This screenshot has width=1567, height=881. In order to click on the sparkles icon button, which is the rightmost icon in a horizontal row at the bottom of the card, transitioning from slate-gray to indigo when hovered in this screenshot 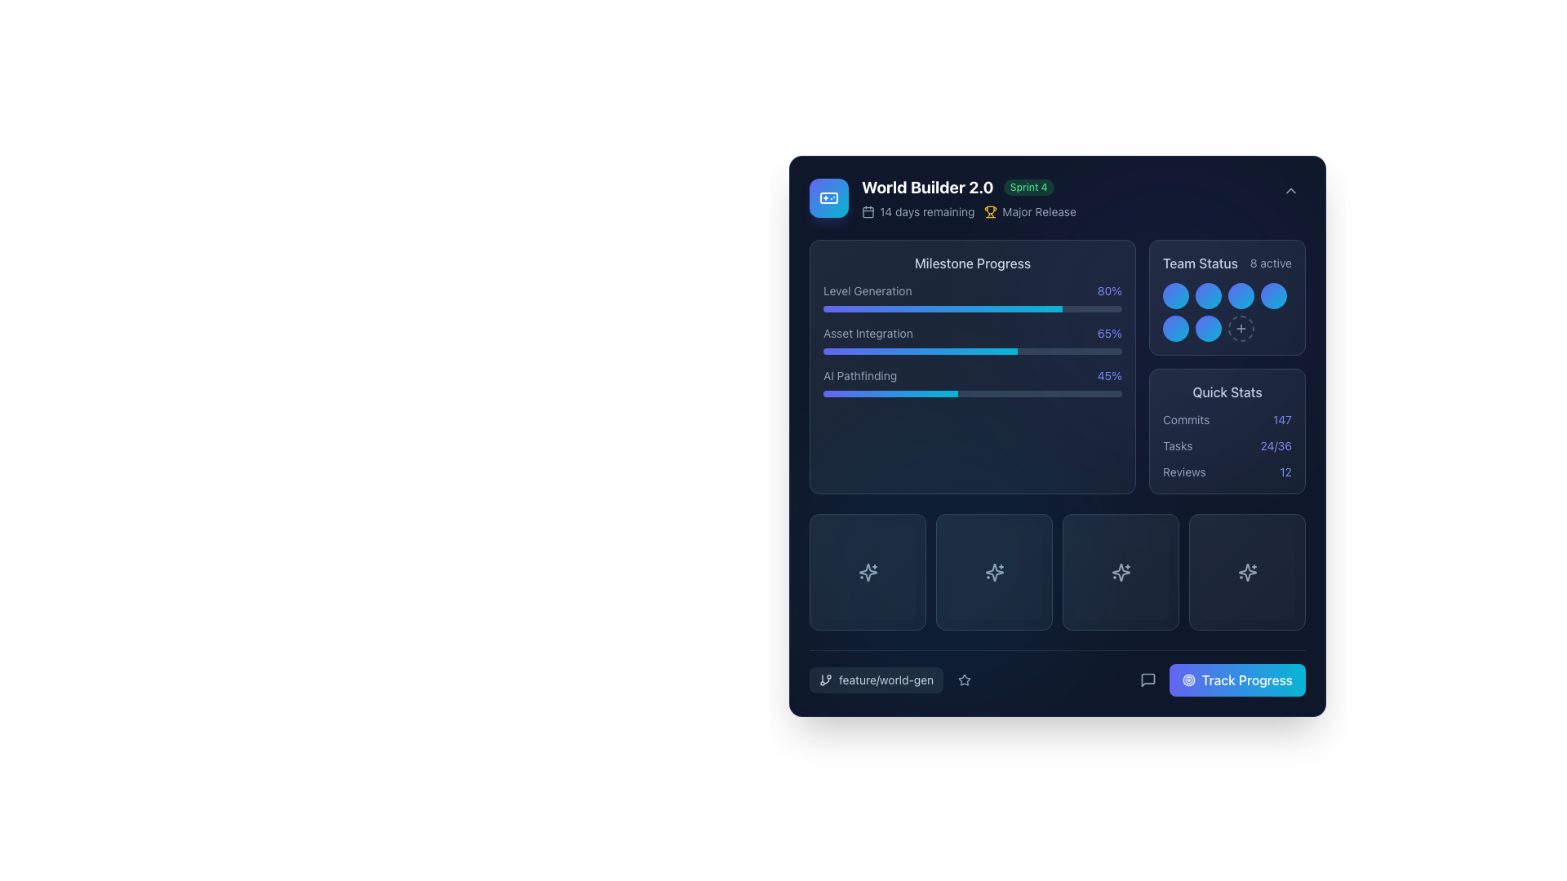, I will do `click(1246, 571)`.